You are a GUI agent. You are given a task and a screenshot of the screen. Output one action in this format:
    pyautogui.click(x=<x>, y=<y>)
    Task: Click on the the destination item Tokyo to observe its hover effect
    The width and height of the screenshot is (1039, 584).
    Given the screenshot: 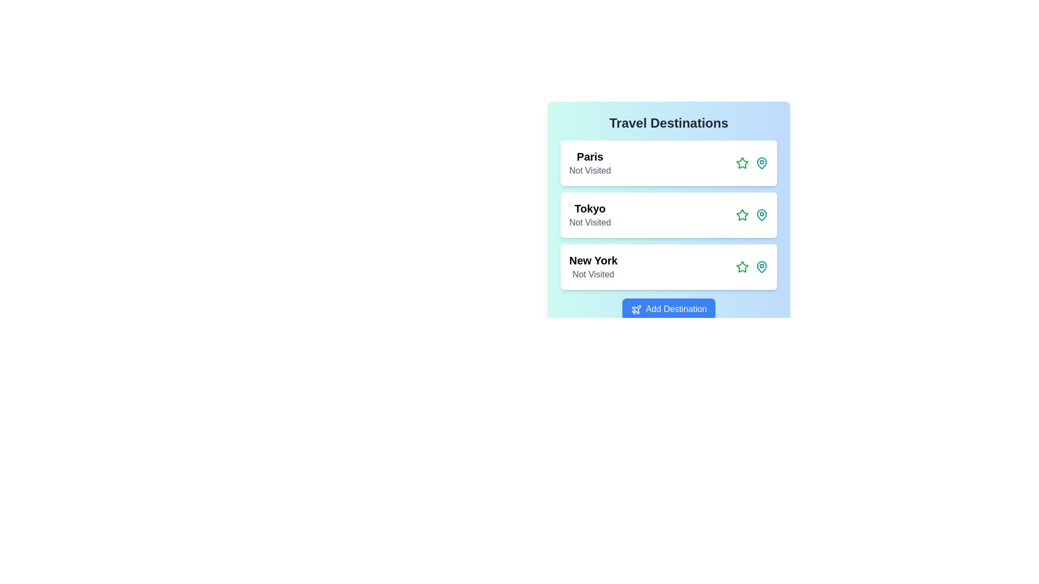 What is the action you would take?
    pyautogui.click(x=668, y=215)
    